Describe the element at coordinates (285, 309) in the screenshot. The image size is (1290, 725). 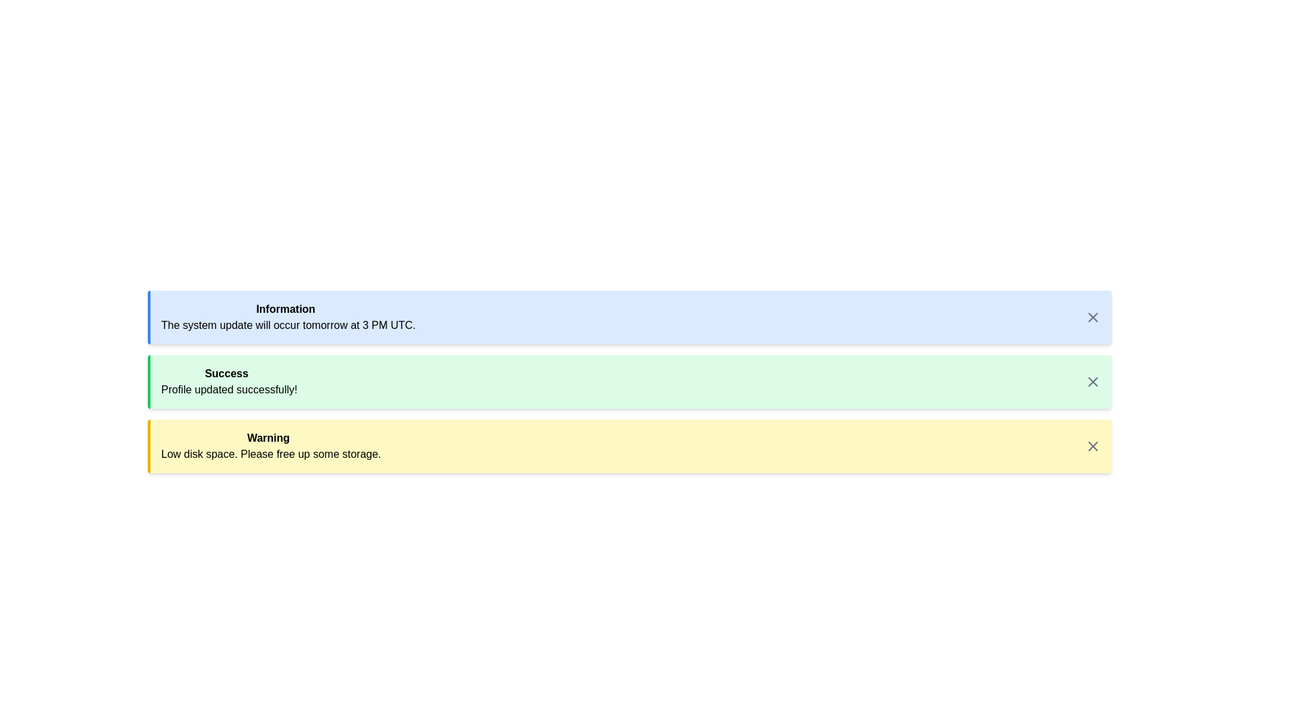
I see `the 'Information' text label, which is styled with bold and underlined font and positioned at the top of a notification box with a light blue background` at that location.